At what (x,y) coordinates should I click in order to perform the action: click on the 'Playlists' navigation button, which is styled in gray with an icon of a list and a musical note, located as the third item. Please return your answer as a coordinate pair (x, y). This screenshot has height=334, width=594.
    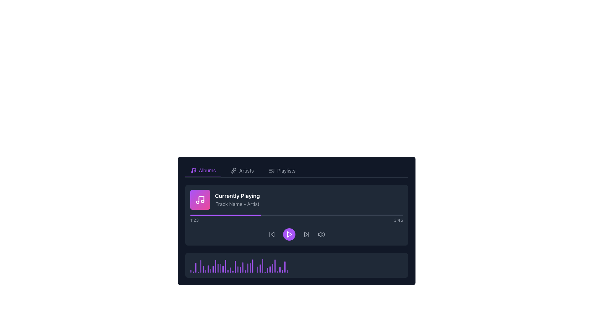
    Looking at the image, I should click on (282, 170).